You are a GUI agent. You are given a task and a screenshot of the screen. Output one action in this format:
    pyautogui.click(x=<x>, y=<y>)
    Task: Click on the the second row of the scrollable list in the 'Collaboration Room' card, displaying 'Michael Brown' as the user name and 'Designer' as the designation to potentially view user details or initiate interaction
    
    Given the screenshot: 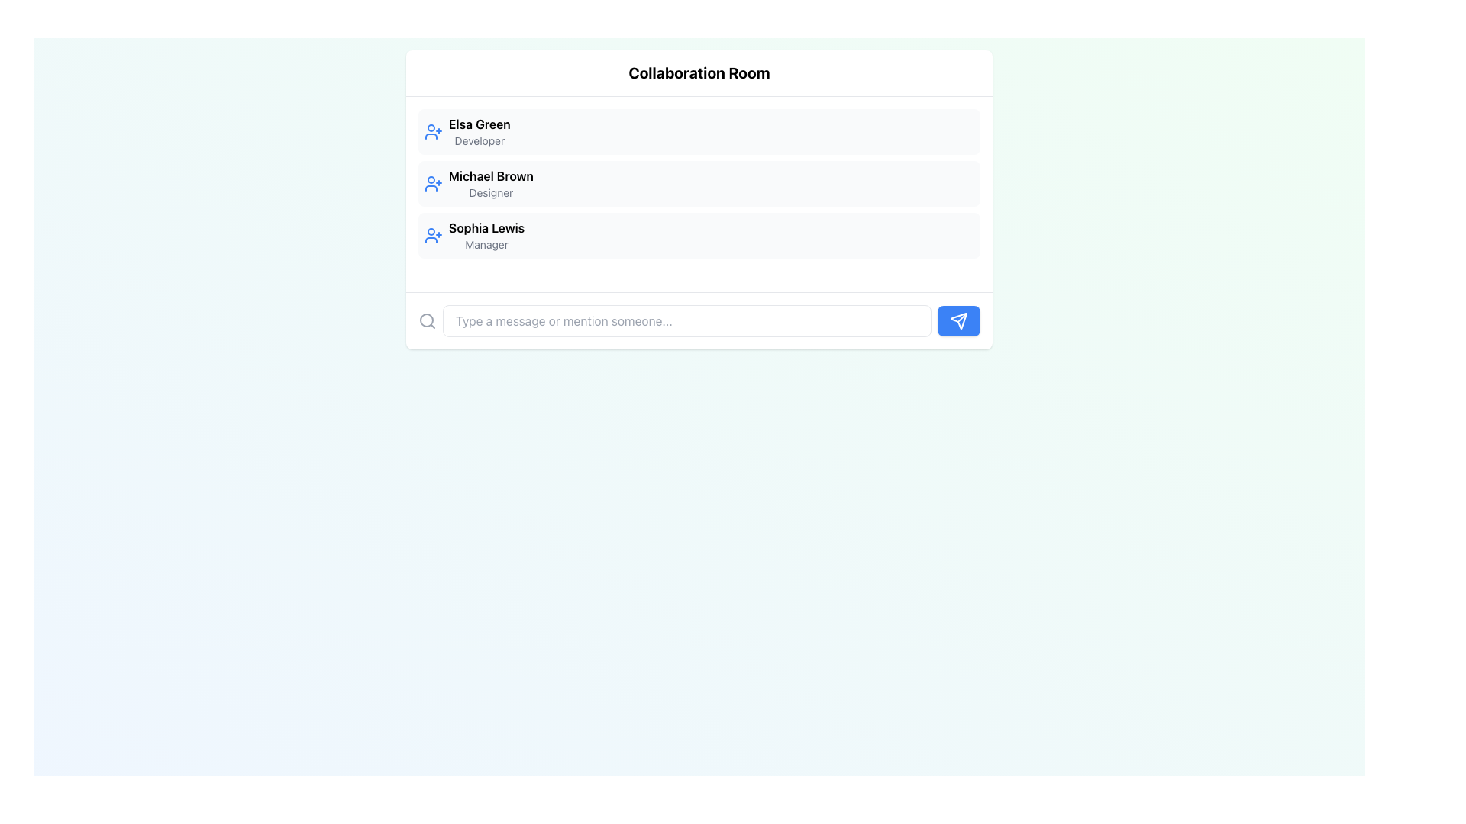 What is the action you would take?
    pyautogui.click(x=699, y=193)
    